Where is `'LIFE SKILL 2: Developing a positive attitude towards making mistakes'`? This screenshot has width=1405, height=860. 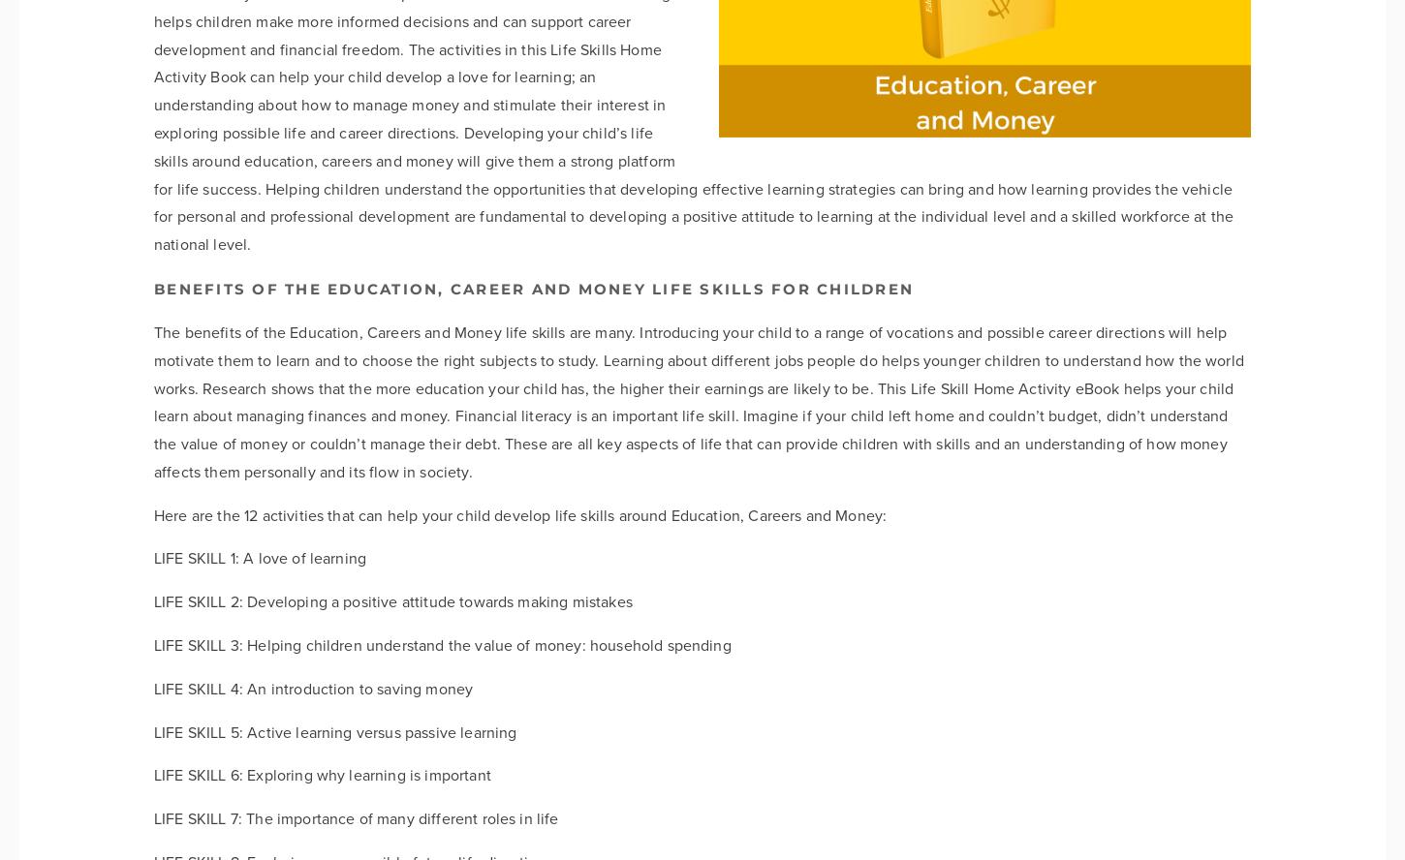 'LIFE SKILL 2: Developing a positive attitude towards making mistakes' is located at coordinates (153, 600).